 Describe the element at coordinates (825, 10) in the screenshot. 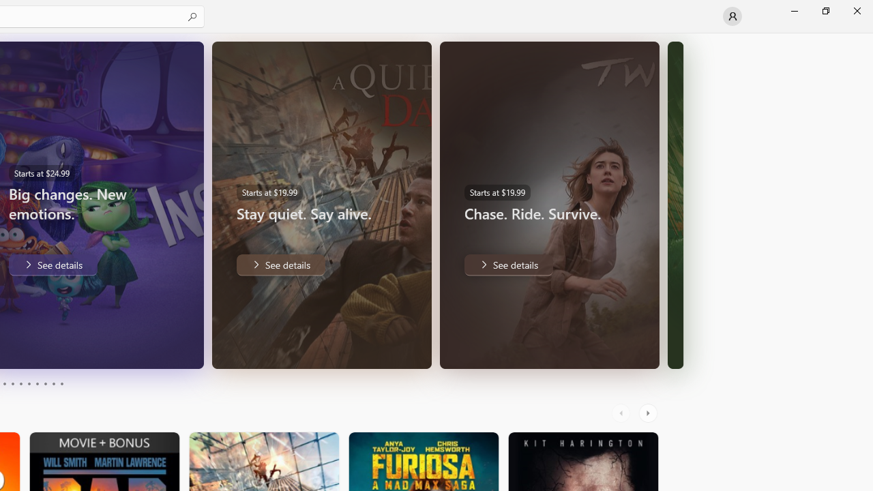

I see `'Restore Microsoft Store'` at that location.